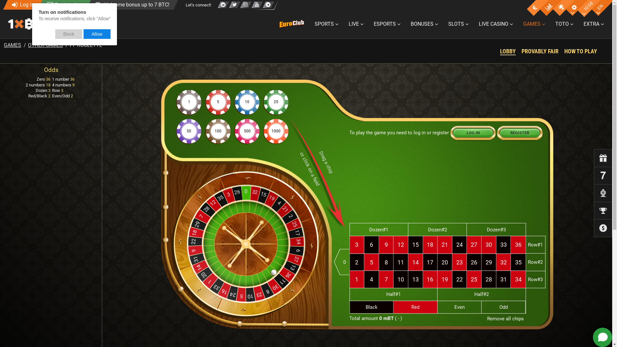 Image resolution: width=617 pixels, height=347 pixels. I want to click on 'Allow', so click(97, 34).